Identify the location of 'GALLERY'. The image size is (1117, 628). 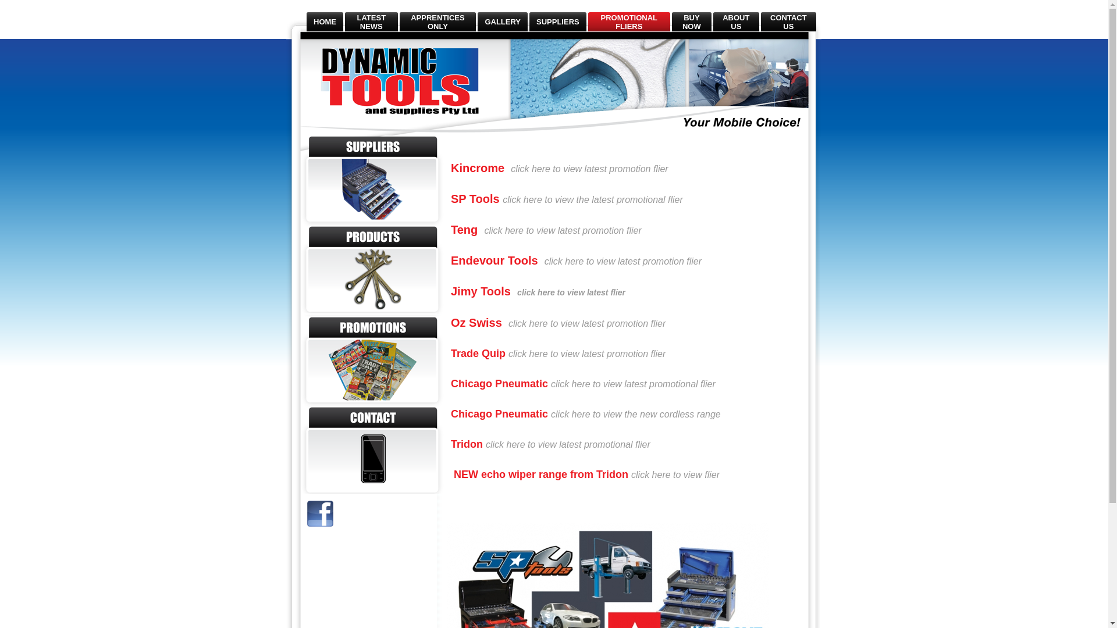
(503, 22).